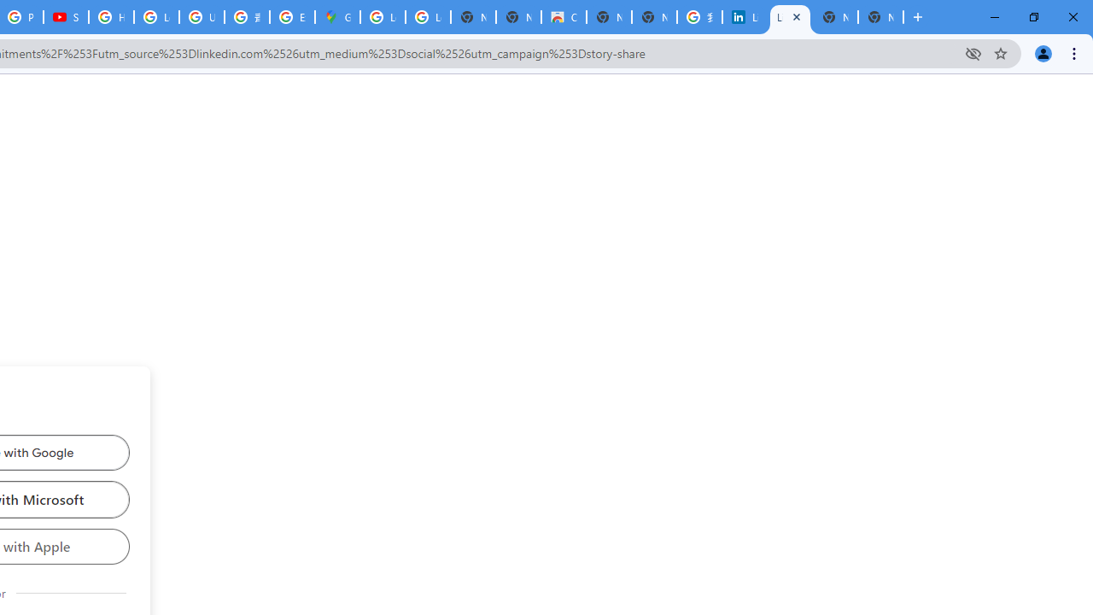 The width and height of the screenshot is (1093, 615). What do you see at coordinates (292, 17) in the screenshot?
I see `'Explore new street-level details - Google Maps Help'` at bounding box center [292, 17].